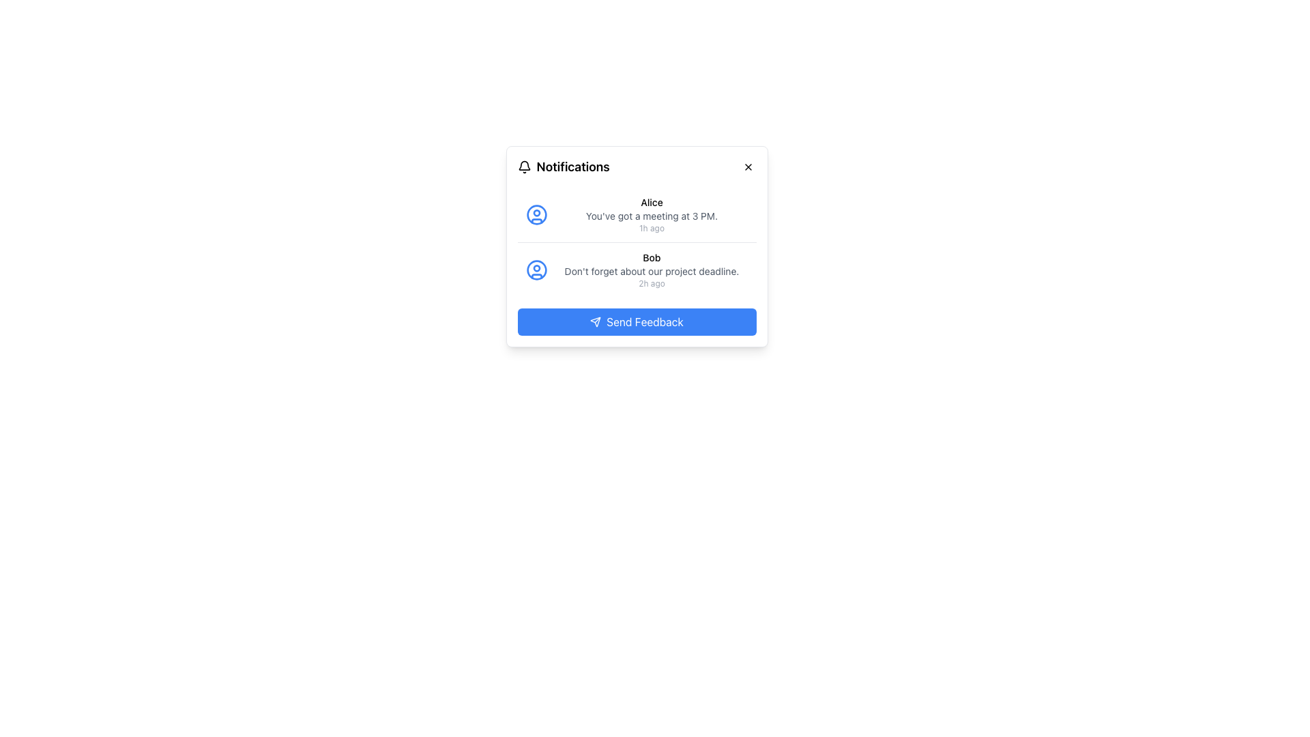  Describe the element at coordinates (636, 270) in the screenshot. I see `the second notification item in the notification list` at that location.